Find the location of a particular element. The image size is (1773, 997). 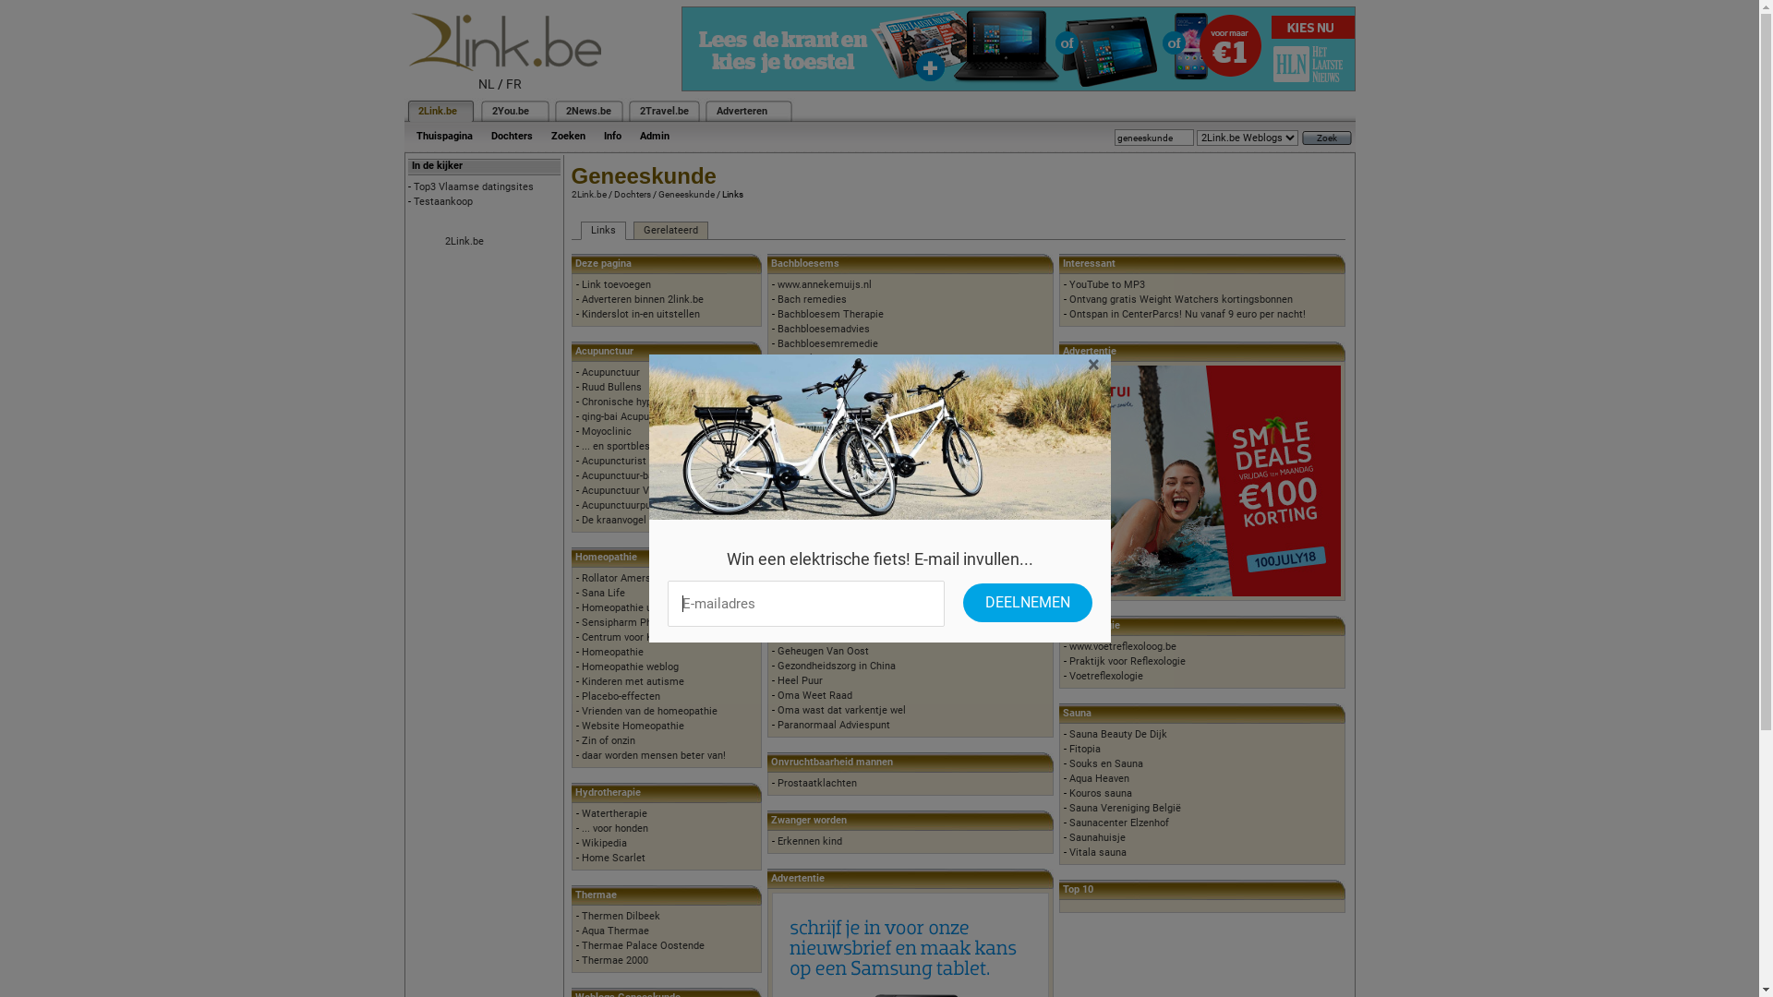

'Bachbloesemadvies' is located at coordinates (823, 328).